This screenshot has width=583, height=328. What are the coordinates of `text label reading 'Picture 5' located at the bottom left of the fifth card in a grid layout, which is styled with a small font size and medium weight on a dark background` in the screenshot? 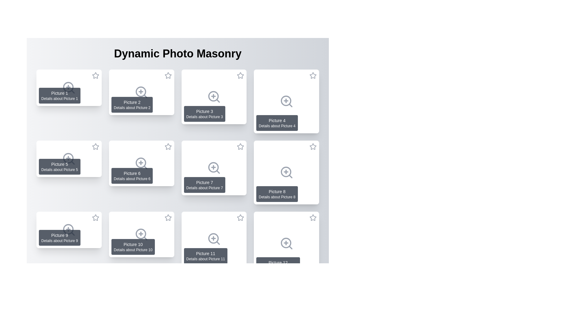 It's located at (60, 164).